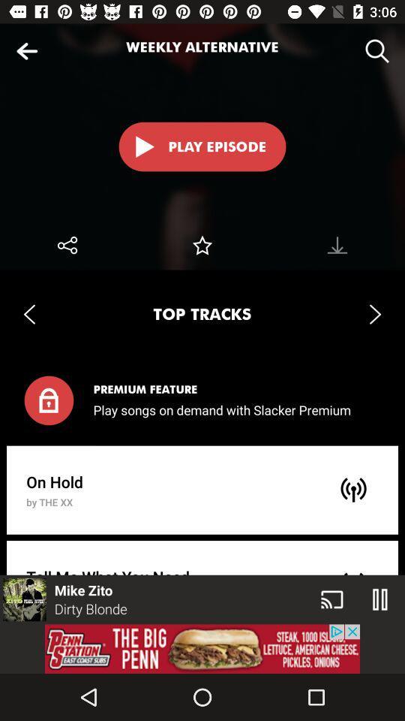 The image size is (405, 721). What do you see at coordinates (202, 648) in the screenshot?
I see `advertisement` at bounding box center [202, 648].